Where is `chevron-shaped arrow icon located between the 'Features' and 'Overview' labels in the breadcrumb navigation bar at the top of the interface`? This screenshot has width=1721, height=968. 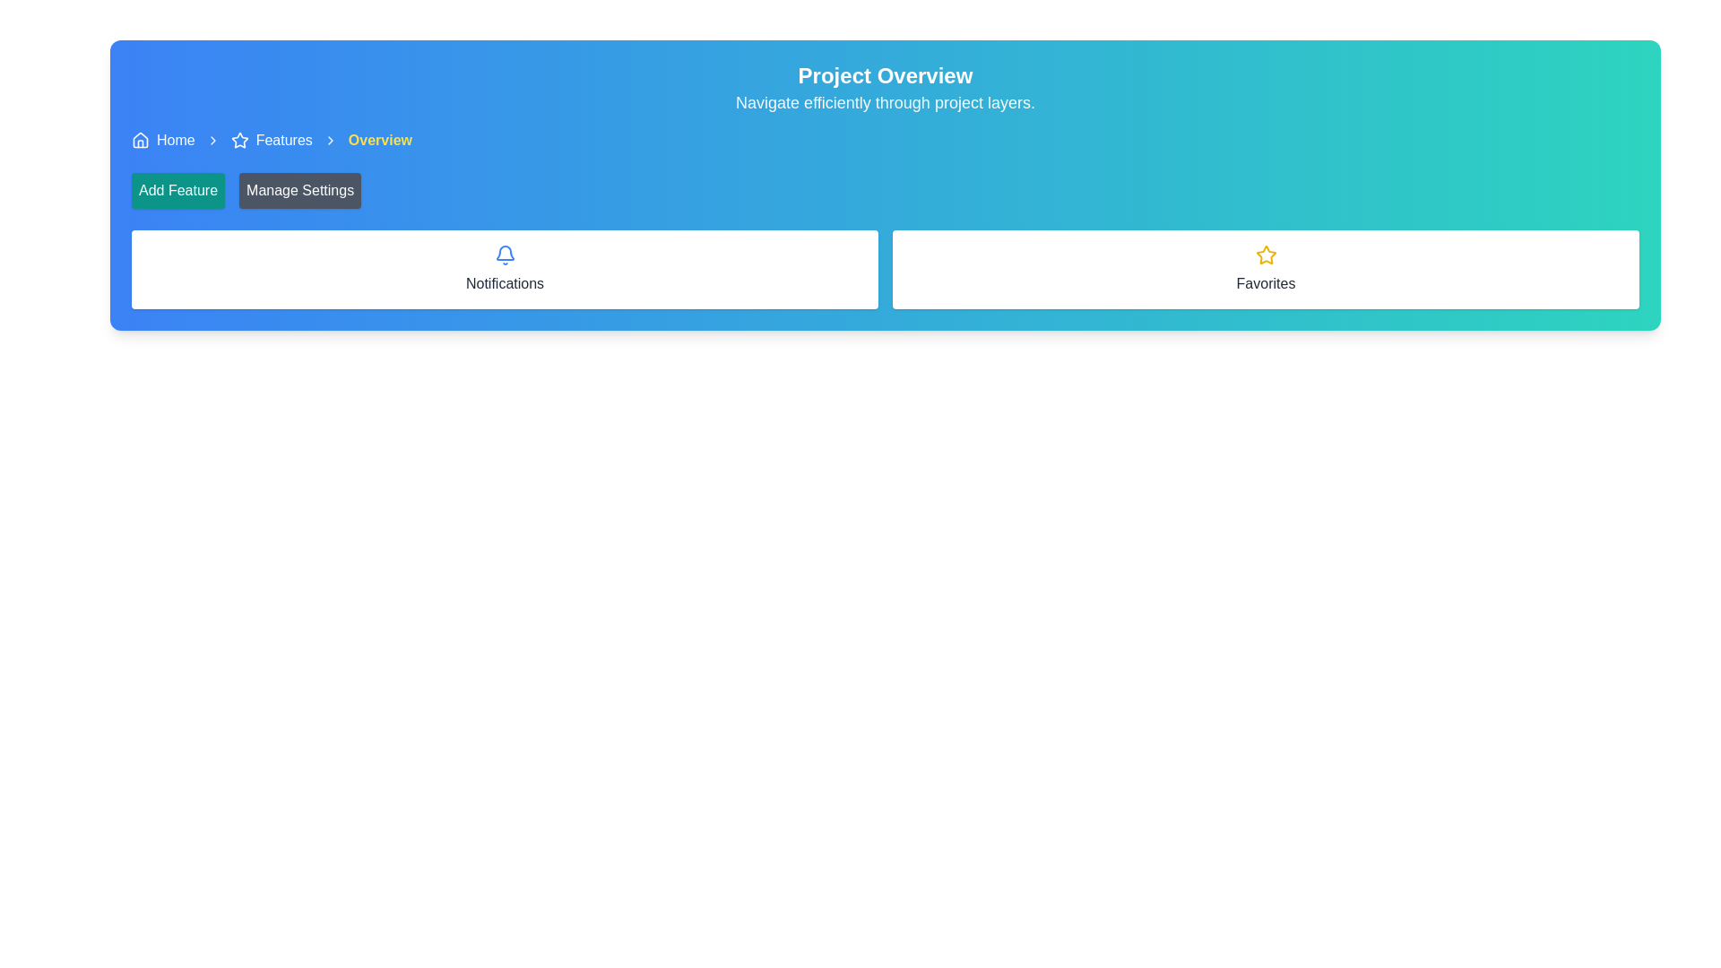 chevron-shaped arrow icon located between the 'Features' and 'Overview' labels in the breadcrumb navigation bar at the top of the interface is located at coordinates (330, 140).